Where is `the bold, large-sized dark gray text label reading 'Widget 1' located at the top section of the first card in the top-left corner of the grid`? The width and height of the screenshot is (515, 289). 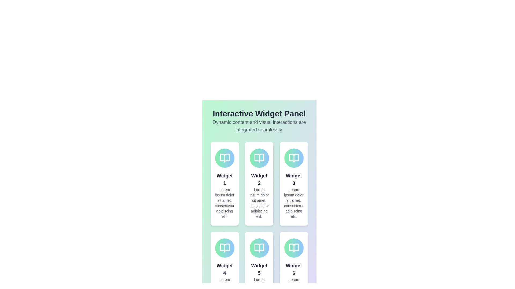
the bold, large-sized dark gray text label reading 'Widget 1' located at the top section of the first card in the top-left corner of the grid is located at coordinates (225, 180).